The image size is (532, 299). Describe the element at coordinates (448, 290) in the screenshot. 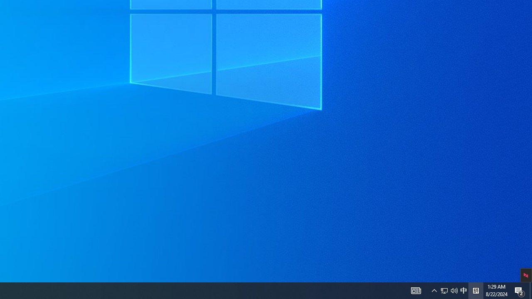

I see `'User Promoted Notification Area'` at that location.